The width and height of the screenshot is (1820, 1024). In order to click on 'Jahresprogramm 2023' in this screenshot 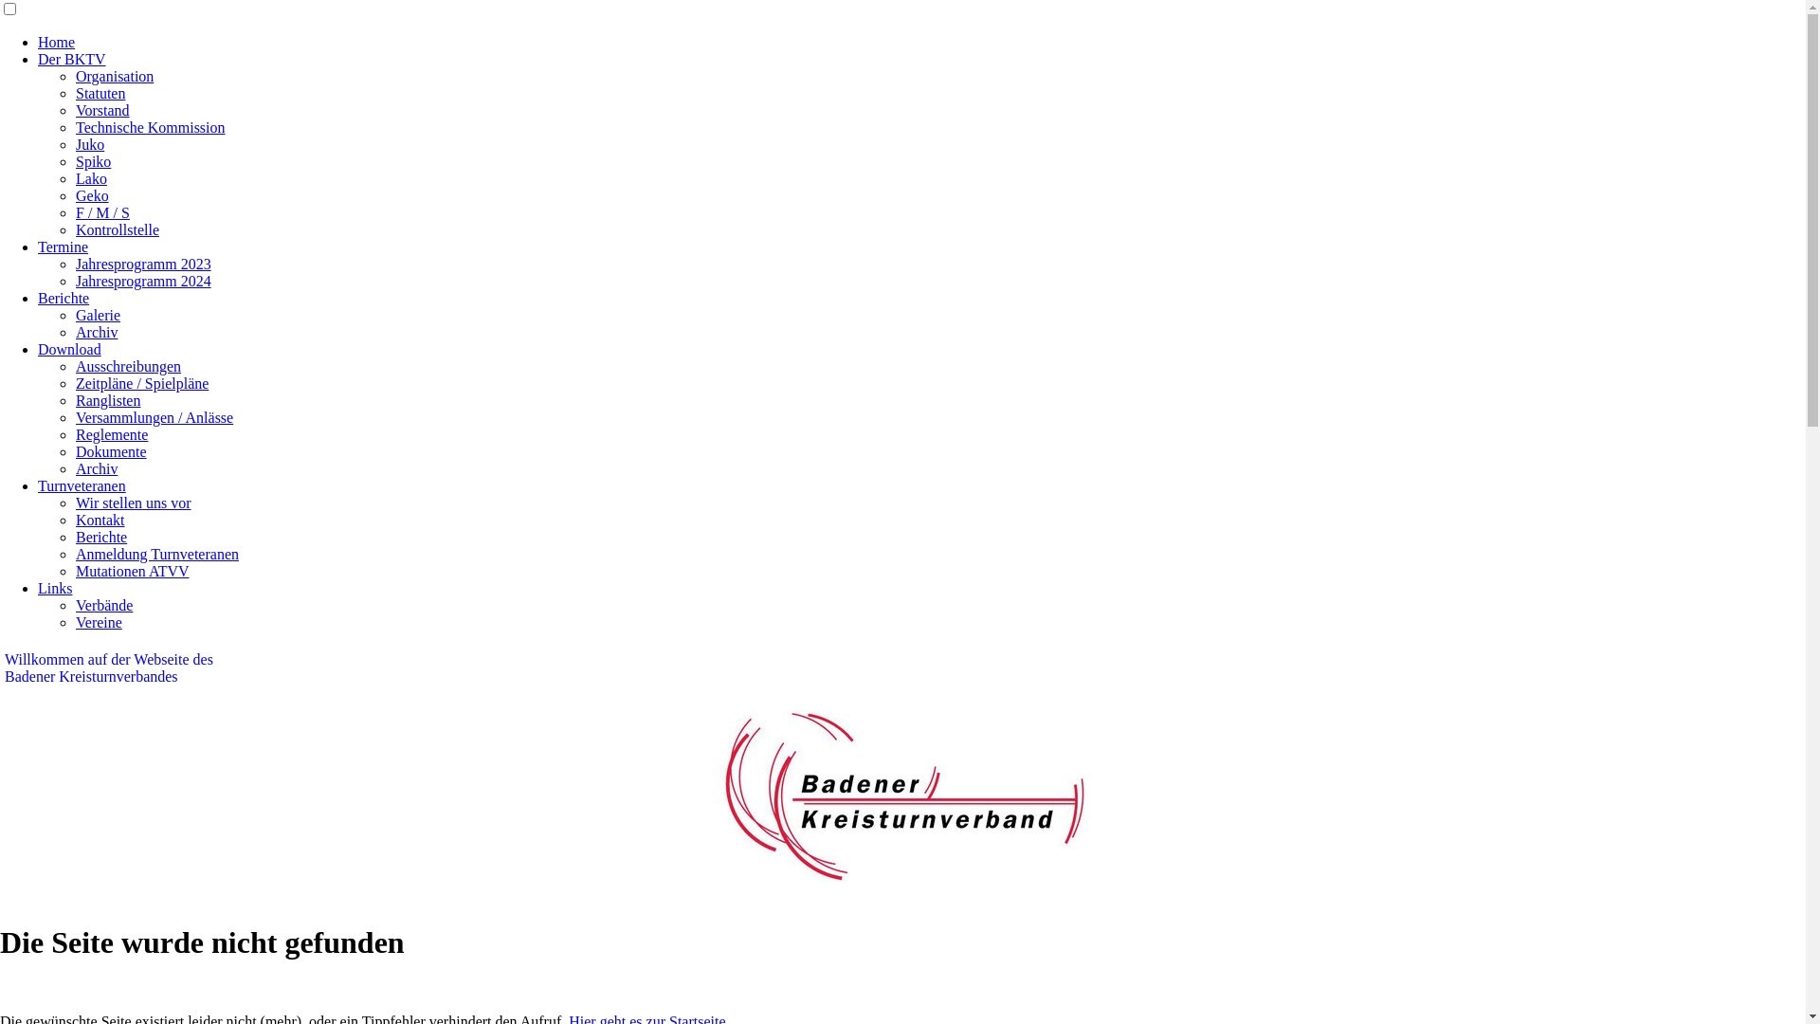, I will do `click(142, 264)`.